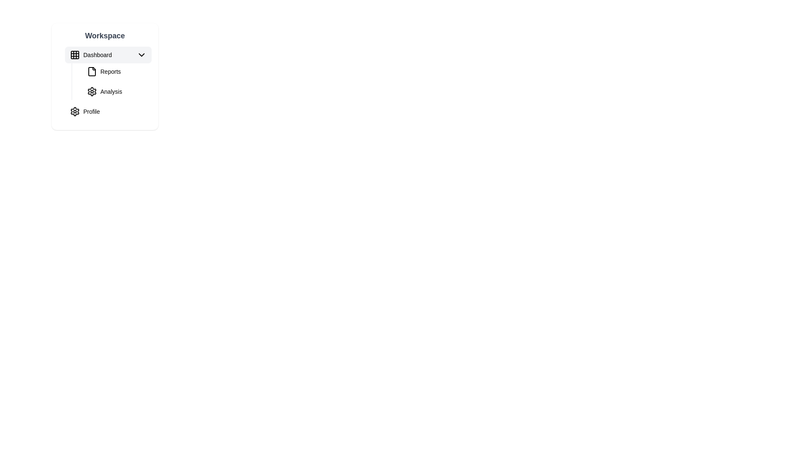  I want to click on the settings icon located at the bottom of the menu structure, which visually represents configuration or settings functionality in the user interface, so click(92, 91).